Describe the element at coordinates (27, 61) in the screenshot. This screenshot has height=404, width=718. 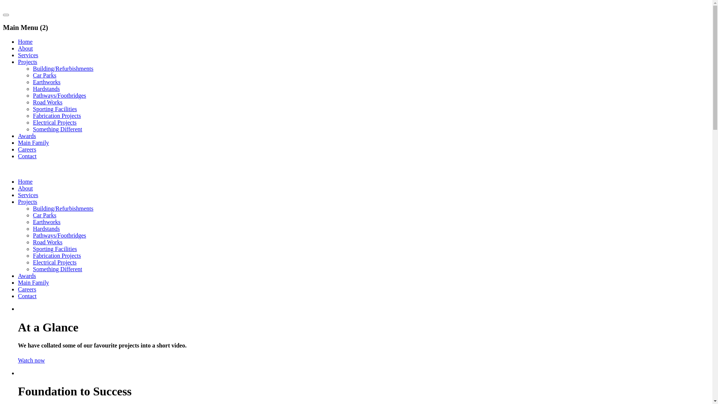
I see `'Projects'` at that location.